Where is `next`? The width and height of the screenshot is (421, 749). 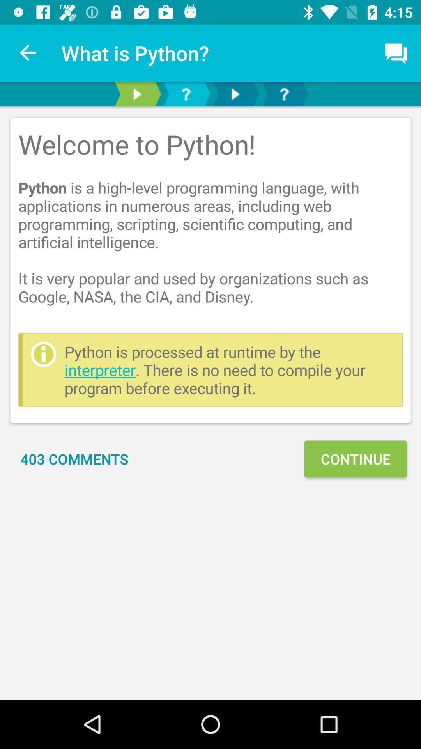 next is located at coordinates (136, 94).